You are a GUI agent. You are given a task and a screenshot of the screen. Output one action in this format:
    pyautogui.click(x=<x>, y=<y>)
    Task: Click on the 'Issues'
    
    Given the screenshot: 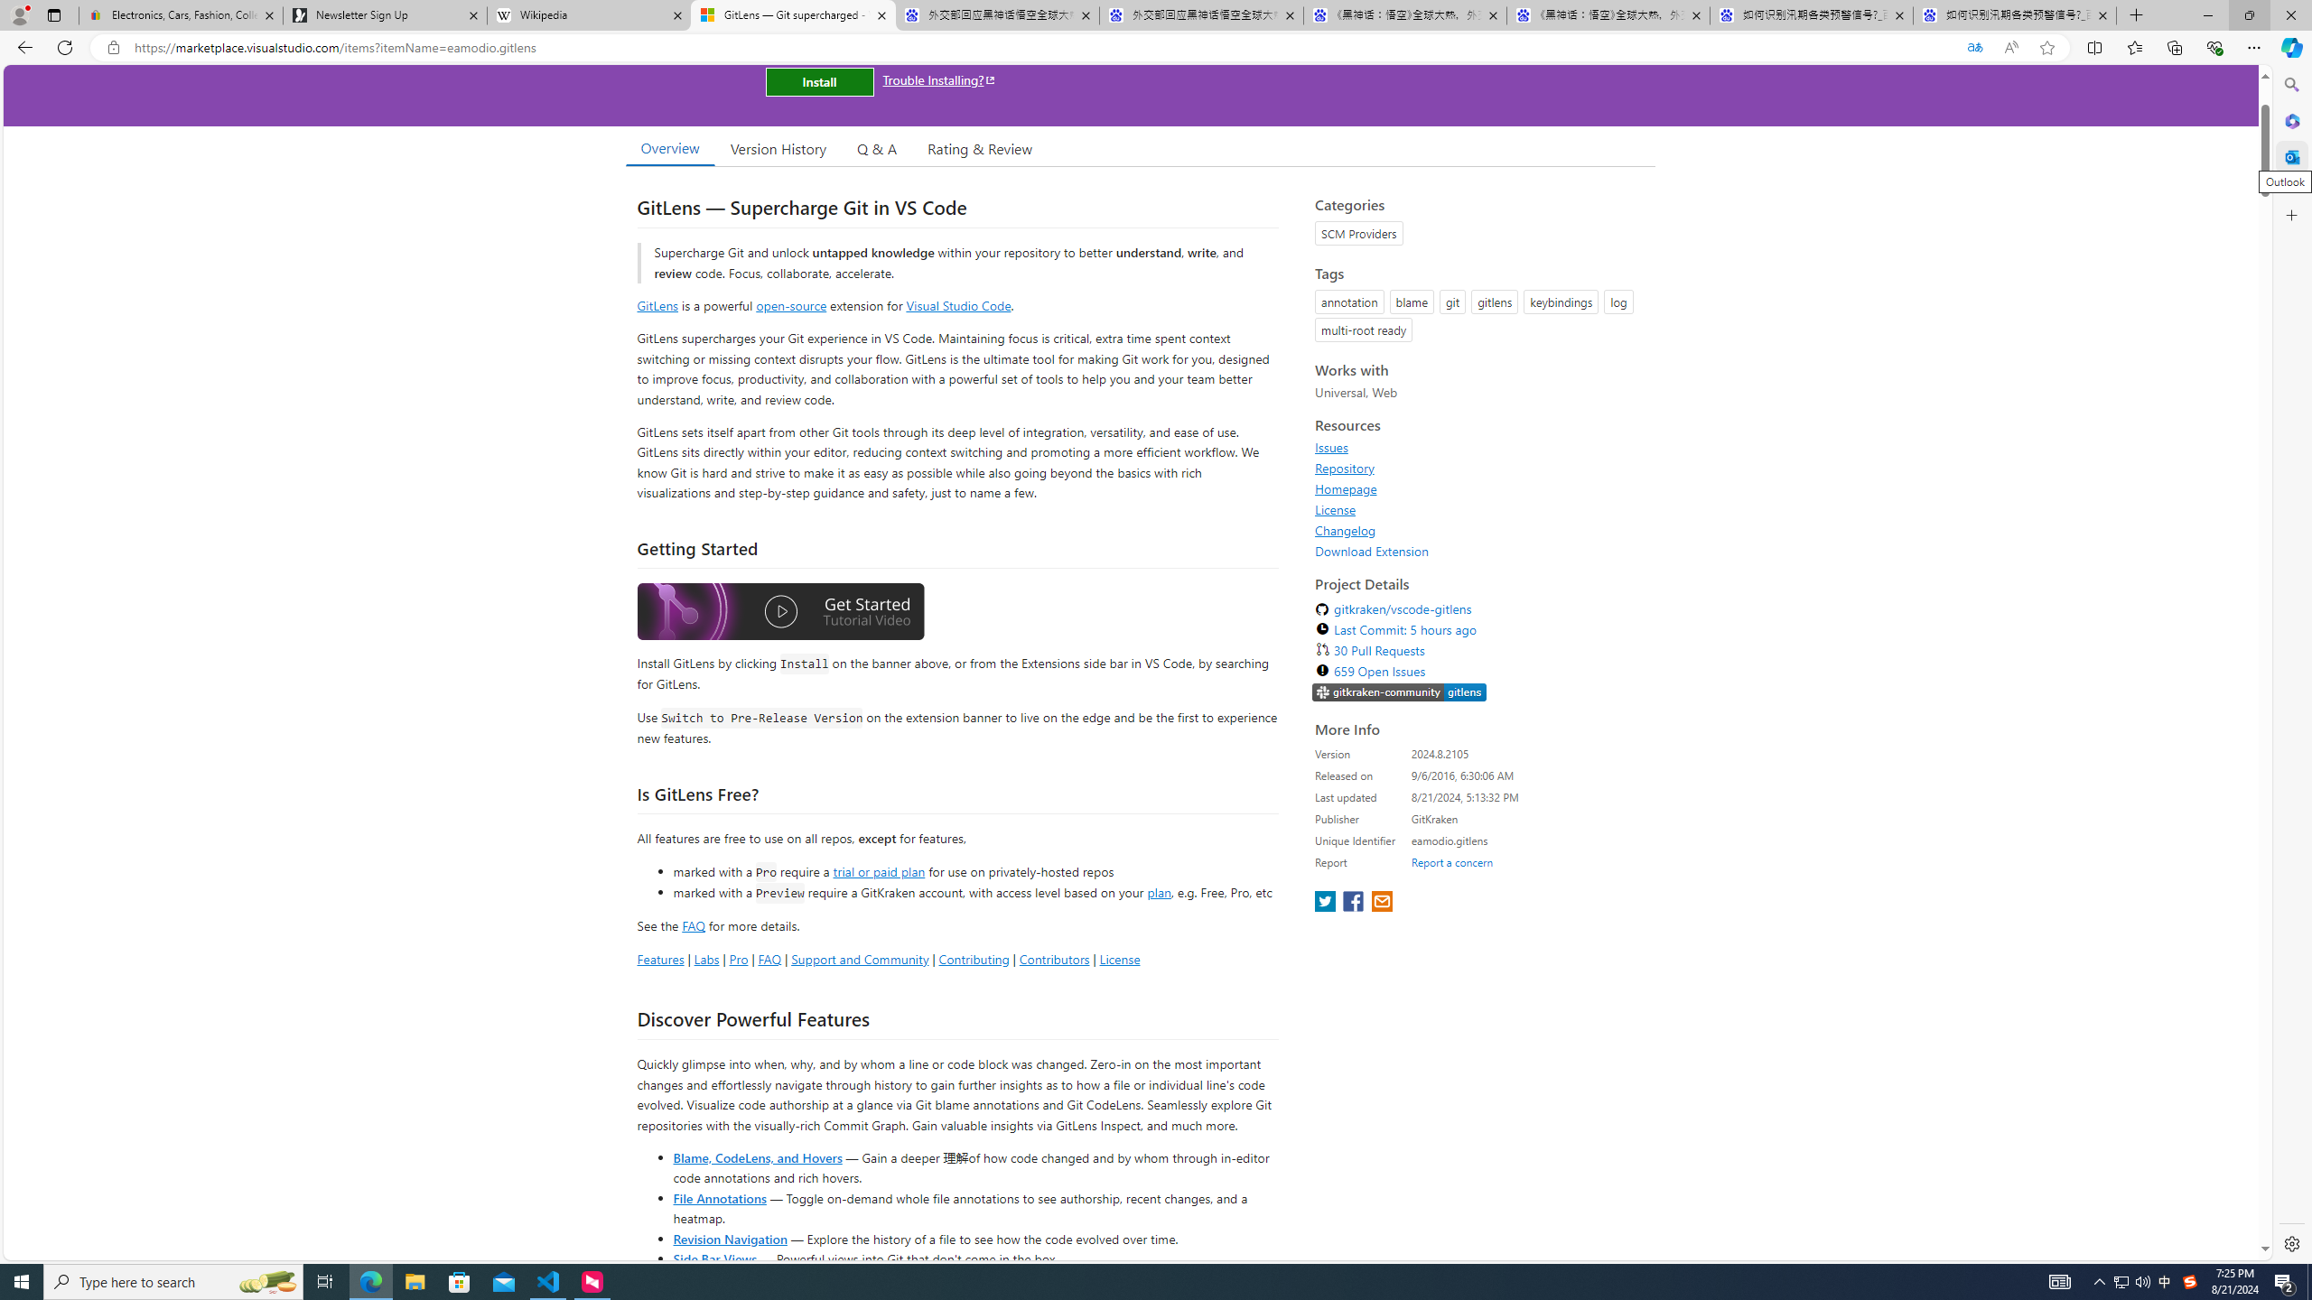 What is the action you would take?
    pyautogui.click(x=1479, y=447)
    